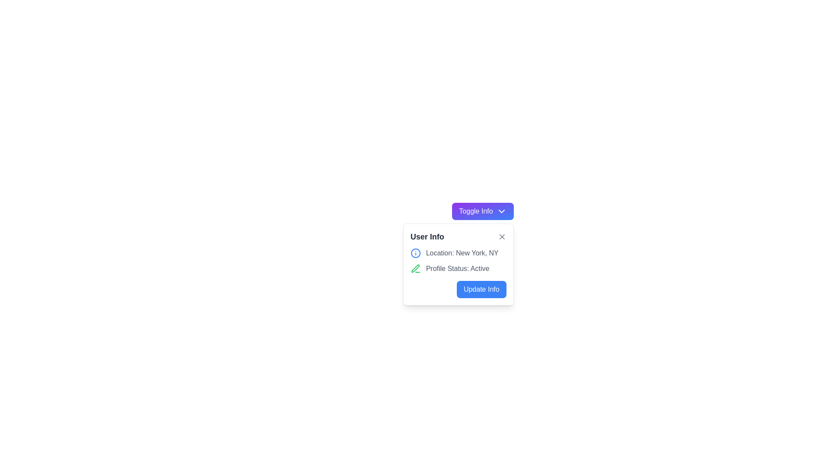 The image size is (829, 466). Describe the element at coordinates (502, 236) in the screenshot. I see `the small 'X' shaped button next to the 'User Info' heading` at that location.